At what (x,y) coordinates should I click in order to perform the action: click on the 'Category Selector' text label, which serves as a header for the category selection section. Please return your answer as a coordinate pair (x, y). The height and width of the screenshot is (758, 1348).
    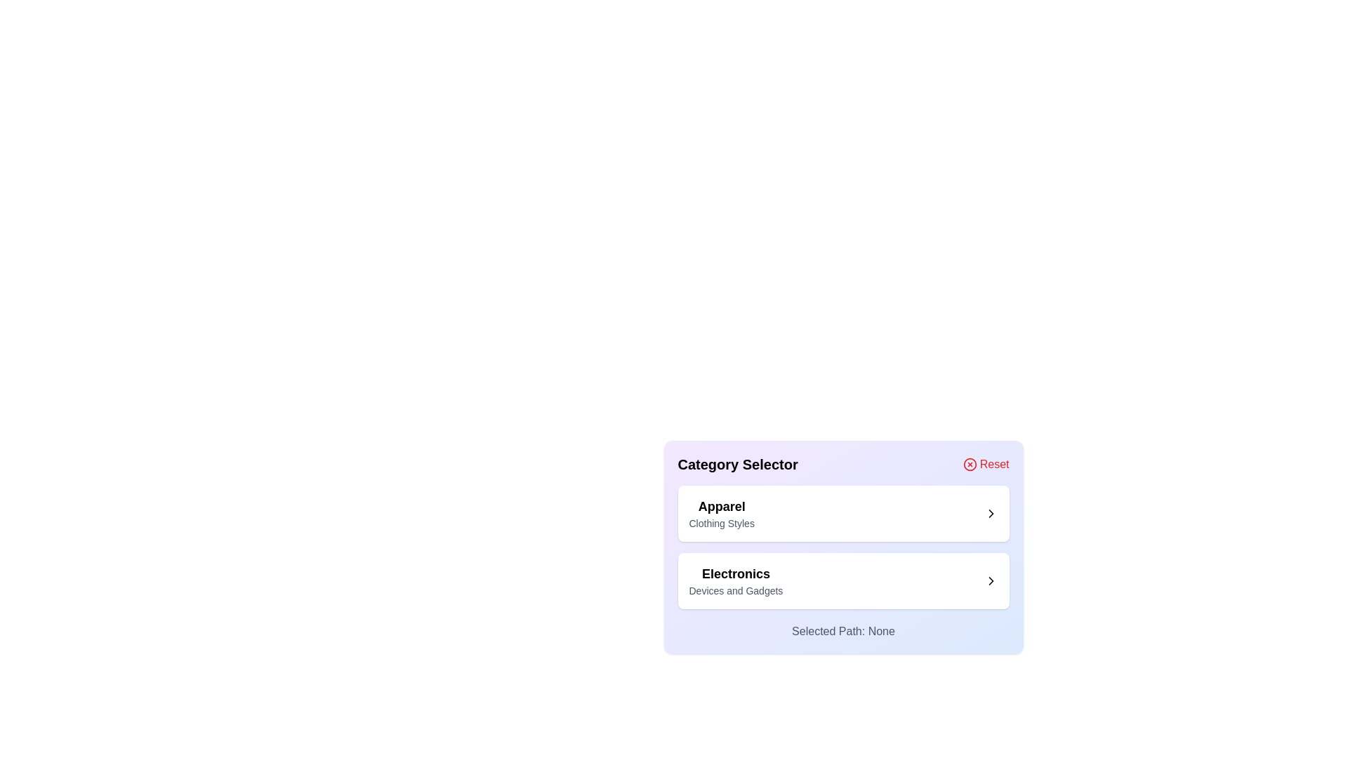
    Looking at the image, I should click on (737, 465).